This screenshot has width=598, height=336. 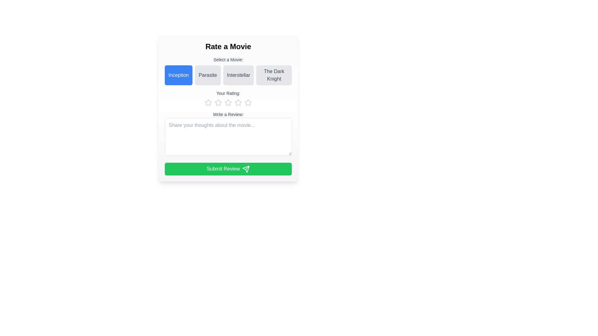 I want to click on the third star icon in the five-star rating system, located centrally below the 'Your Rating:' label, so click(x=228, y=102).